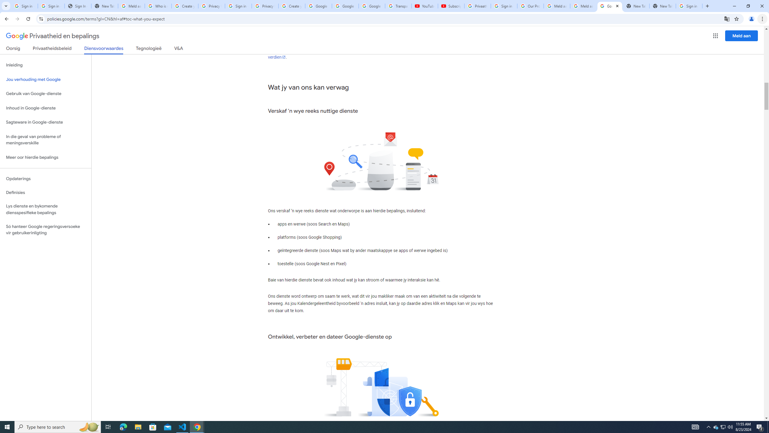  What do you see at coordinates (45, 209) in the screenshot?
I see `'Lys dienste en bykomende diensspesifieke bepalings'` at bounding box center [45, 209].